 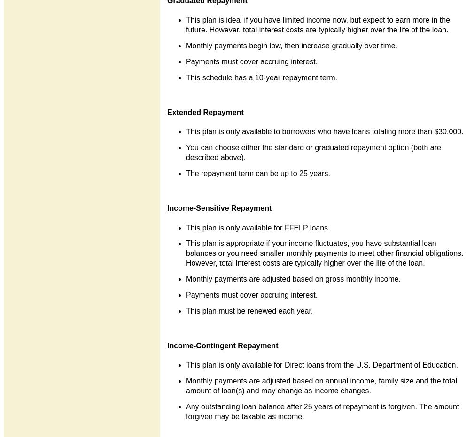 What do you see at coordinates (218, 207) in the screenshot?
I see `'Income-Sensitive Repayment'` at bounding box center [218, 207].